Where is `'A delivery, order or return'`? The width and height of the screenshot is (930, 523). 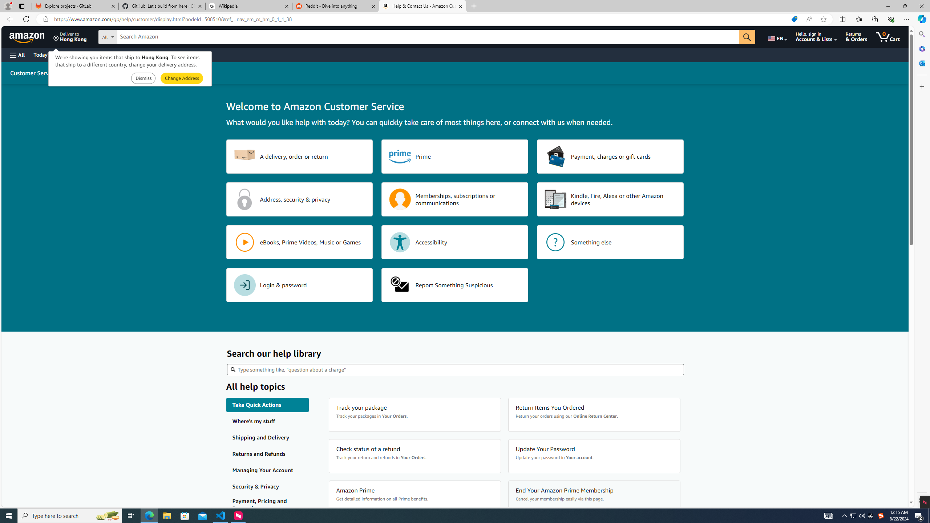 'A delivery, order or return' is located at coordinates (299, 156).